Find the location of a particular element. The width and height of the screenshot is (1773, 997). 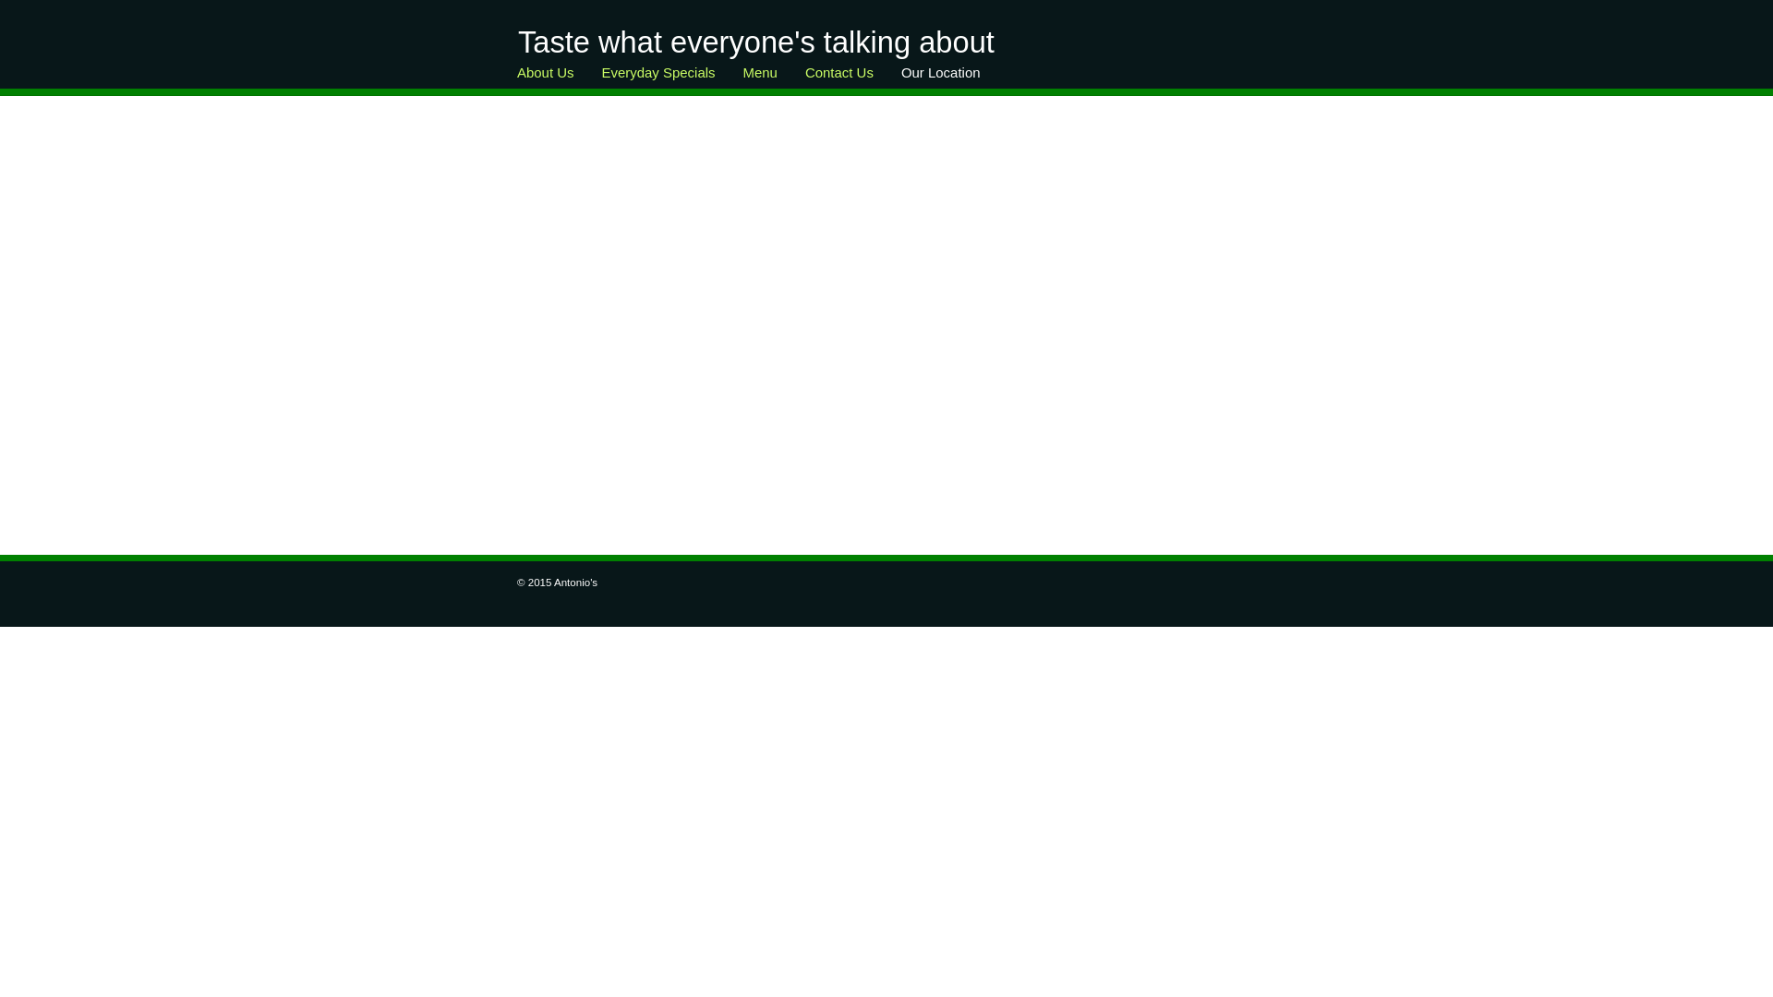

'Our Location' is located at coordinates (886, 77).